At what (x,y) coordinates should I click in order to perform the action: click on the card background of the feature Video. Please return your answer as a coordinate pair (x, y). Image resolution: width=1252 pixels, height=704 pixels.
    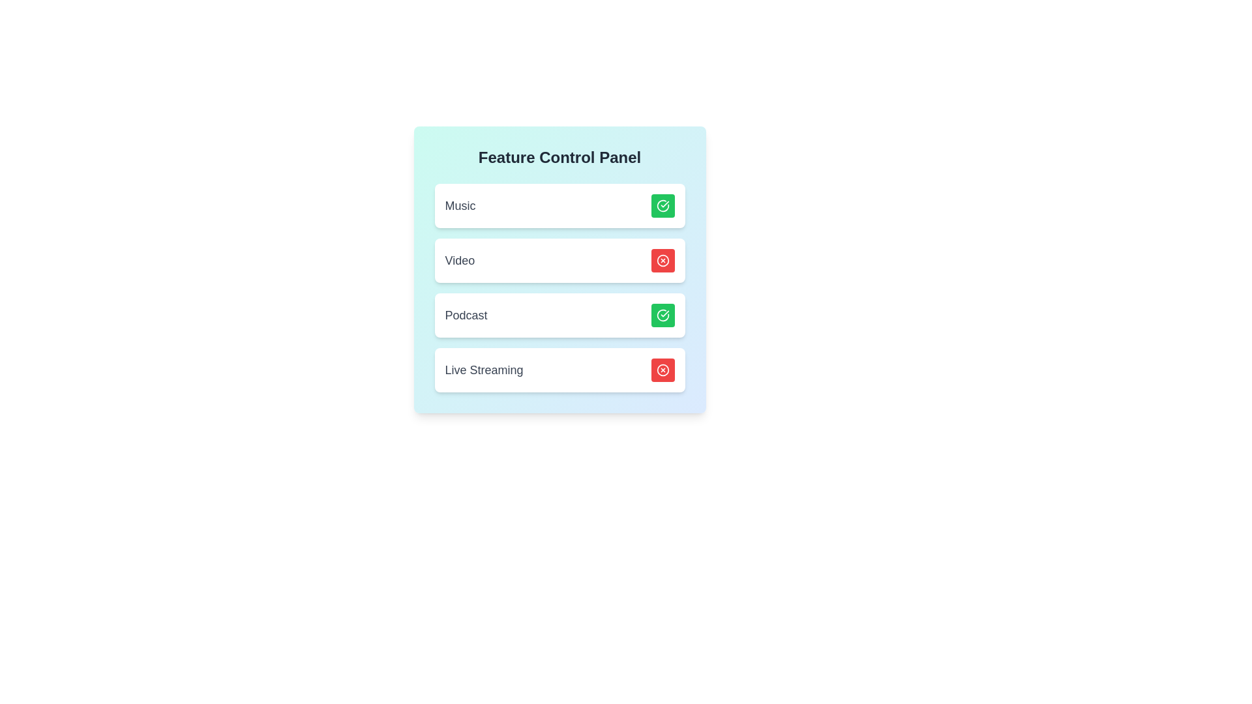
    Looking at the image, I should click on (559, 261).